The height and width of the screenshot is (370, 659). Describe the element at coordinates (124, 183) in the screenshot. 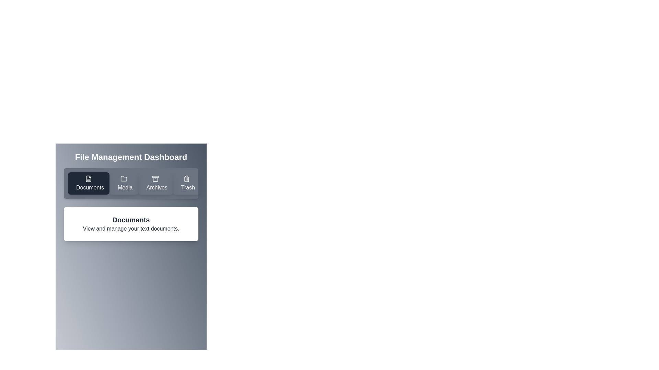

I see `the Media tab by clicking on its button` at that location.